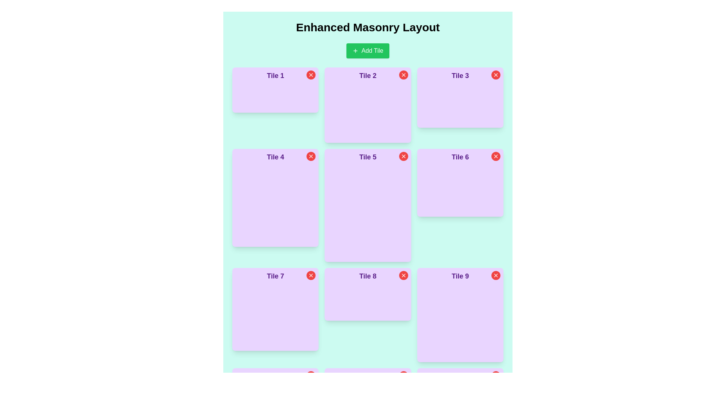  What do you see at coordinates (368, 51) in the screenshot?
I see `the green button located near the top center of the interface, below the 'Enhanced Masonry Layout' heading` at bounding box center [368, 51].